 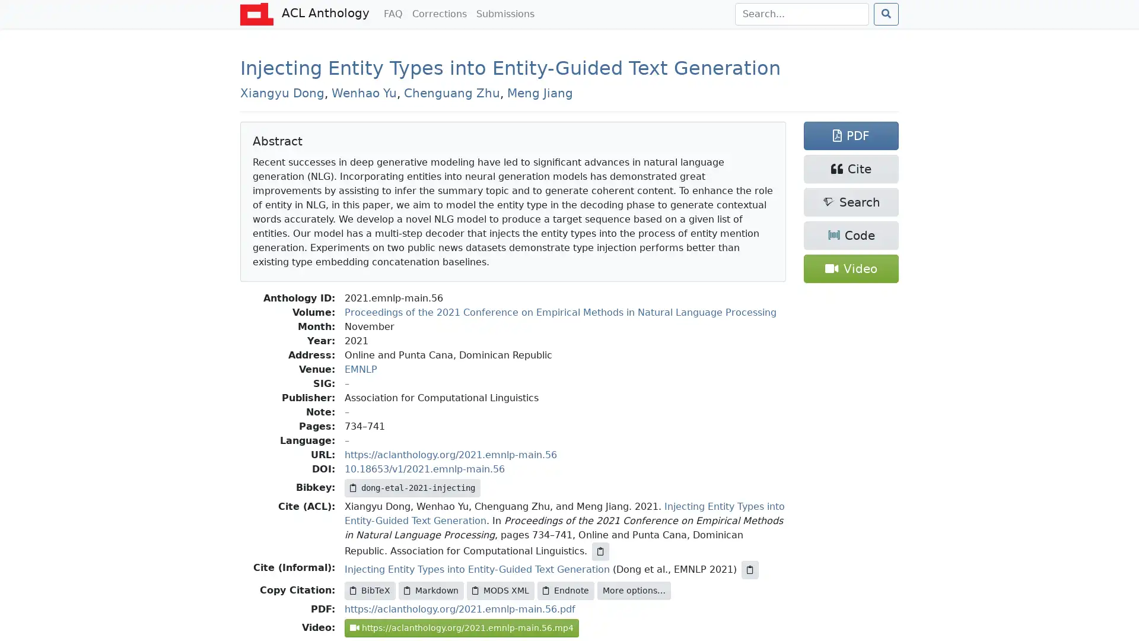 I want to click on Markdown, so click(x=430, y=591).